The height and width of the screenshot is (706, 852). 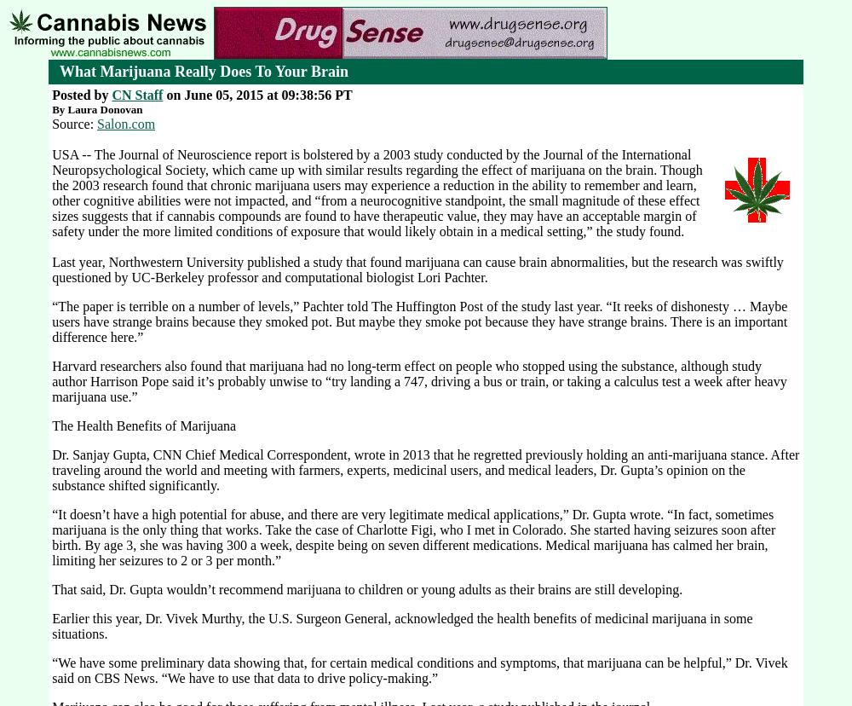 What do you see at coordinates (367, 589) in the screenshot?
I see `'That said, Dr. Gupta wouldn’t recommend marijuana to children or young adults as their brains are still developing.'` at bounding box center [367, 589].